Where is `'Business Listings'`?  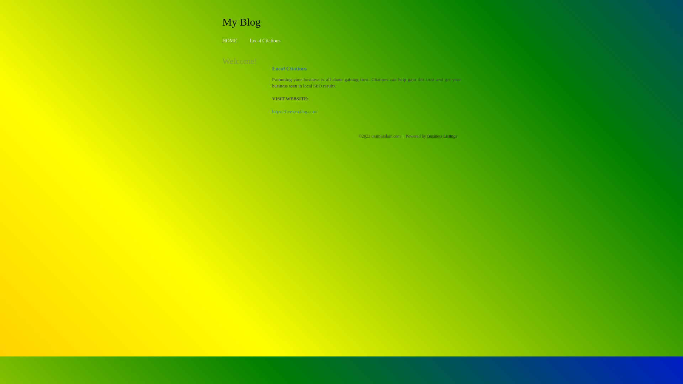 'Business Listings' is located at coordinates (442, 136).